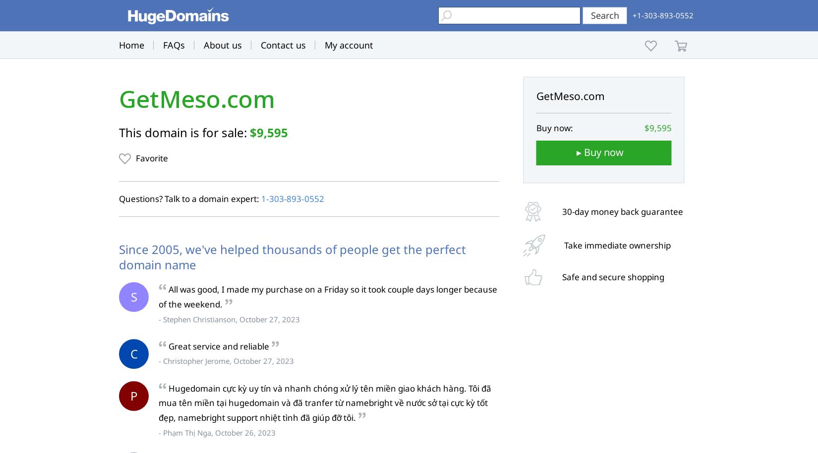 The height and width of the screenshot is (453, 818). Describe the element at coordinates (169, 345) in the screenshot. I see `'Great service and reliable'` at that location.